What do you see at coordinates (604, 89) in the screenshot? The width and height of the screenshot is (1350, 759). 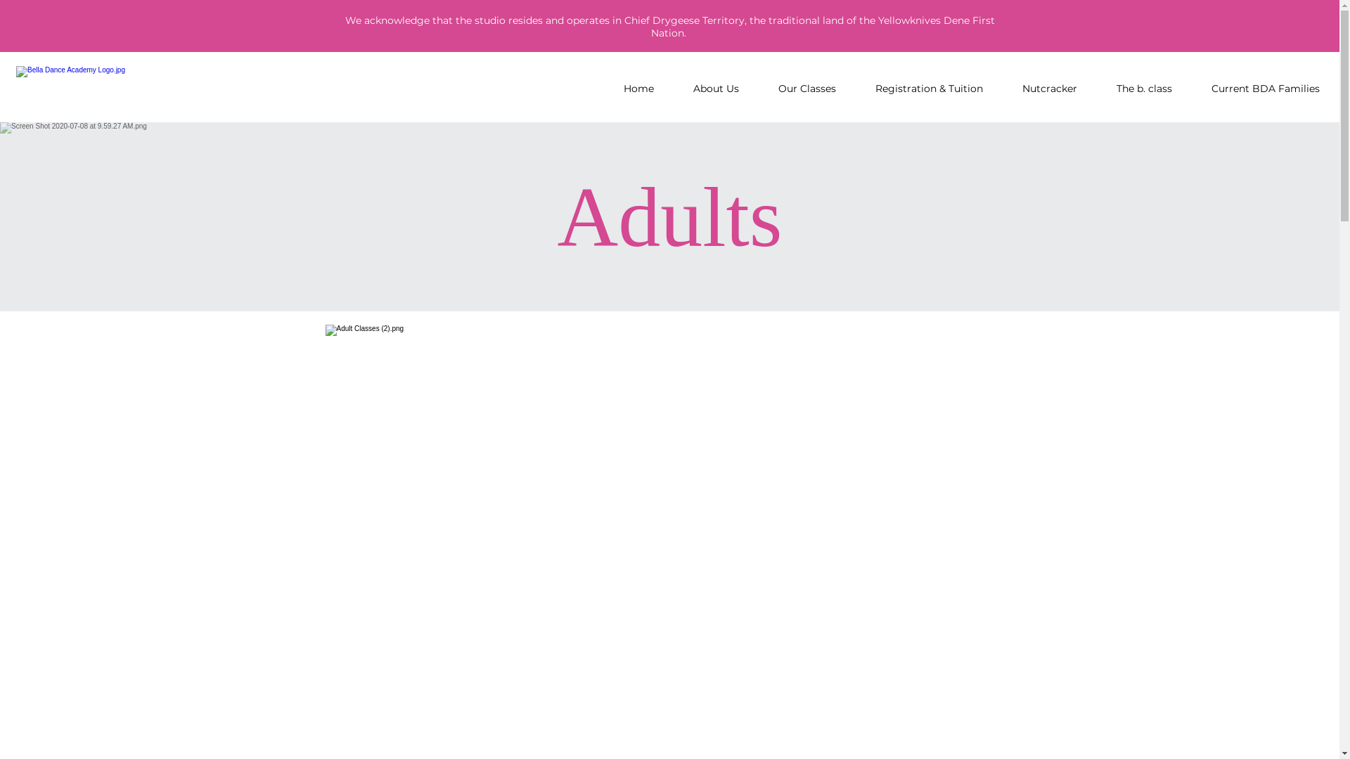 I see `'Home'` at bounding box center [604, 89].